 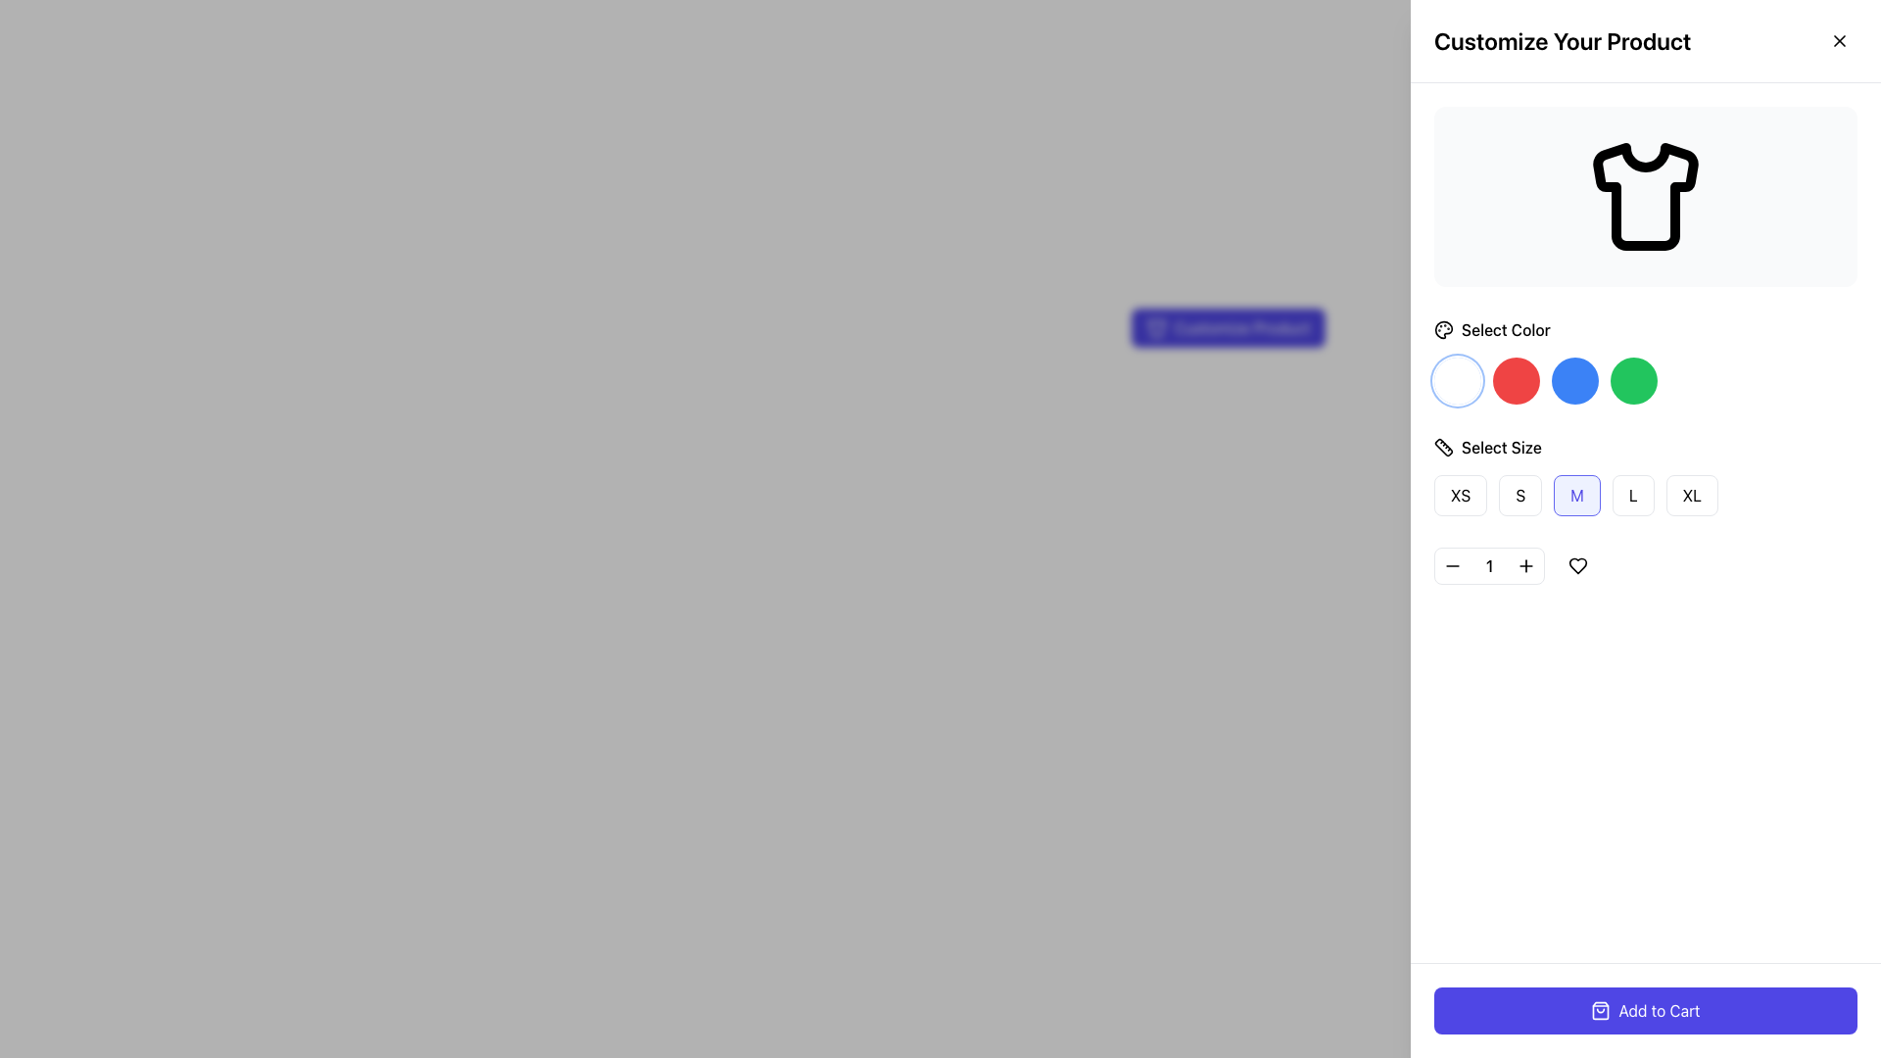 What do you see at coordinates (1838, 41) in the screenshot?
I see `the close icon located at the top-right corner of the interface near the title 'Customize Your Product'` at bounding box center [1838, 41].